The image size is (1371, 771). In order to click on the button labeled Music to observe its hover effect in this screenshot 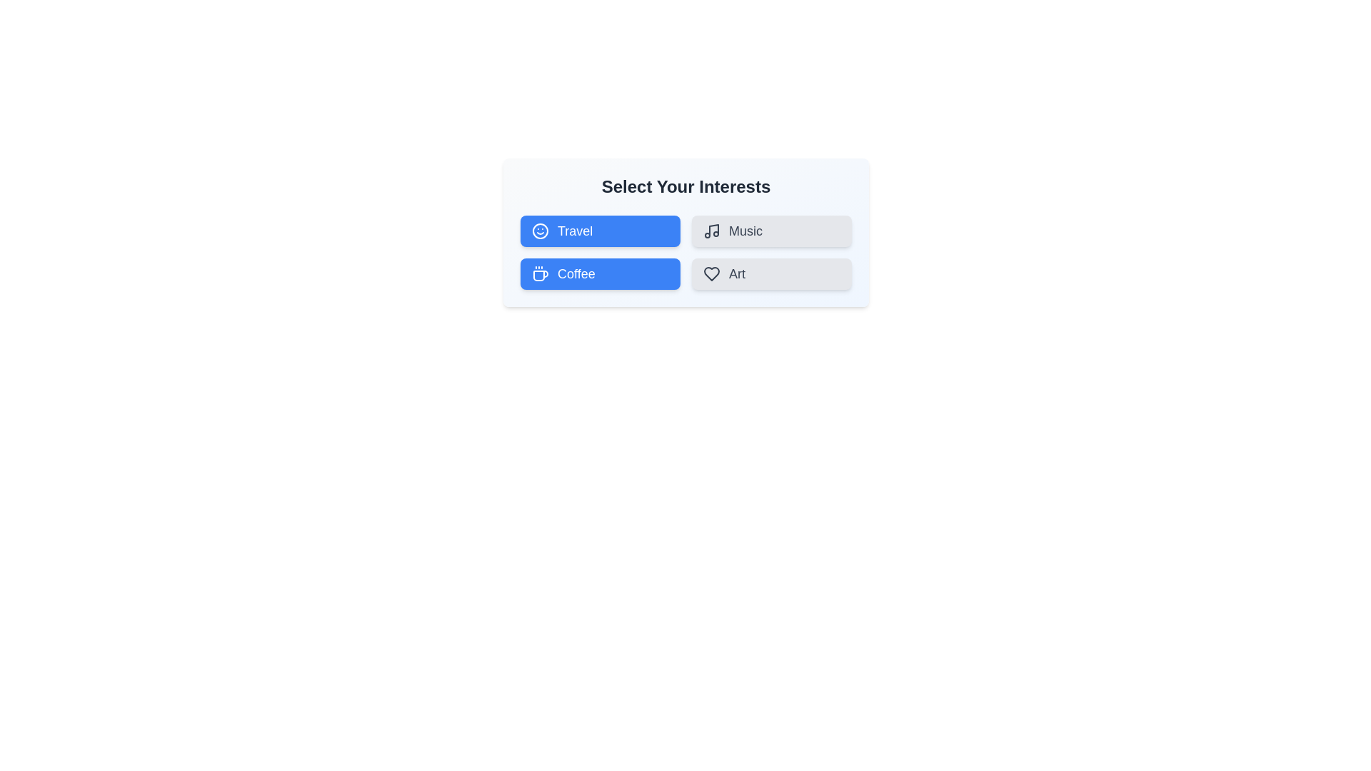, I will do `click(770, 231)`.